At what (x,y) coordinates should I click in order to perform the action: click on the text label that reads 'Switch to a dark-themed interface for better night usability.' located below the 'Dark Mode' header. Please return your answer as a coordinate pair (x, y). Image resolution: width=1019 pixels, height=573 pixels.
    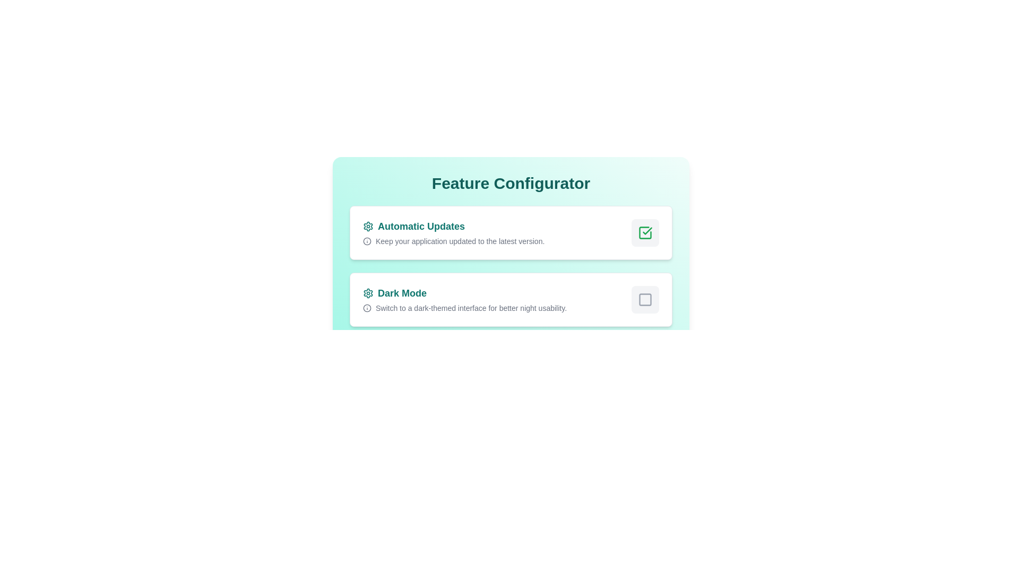
    Looking at the image, I should click on (465, 308).